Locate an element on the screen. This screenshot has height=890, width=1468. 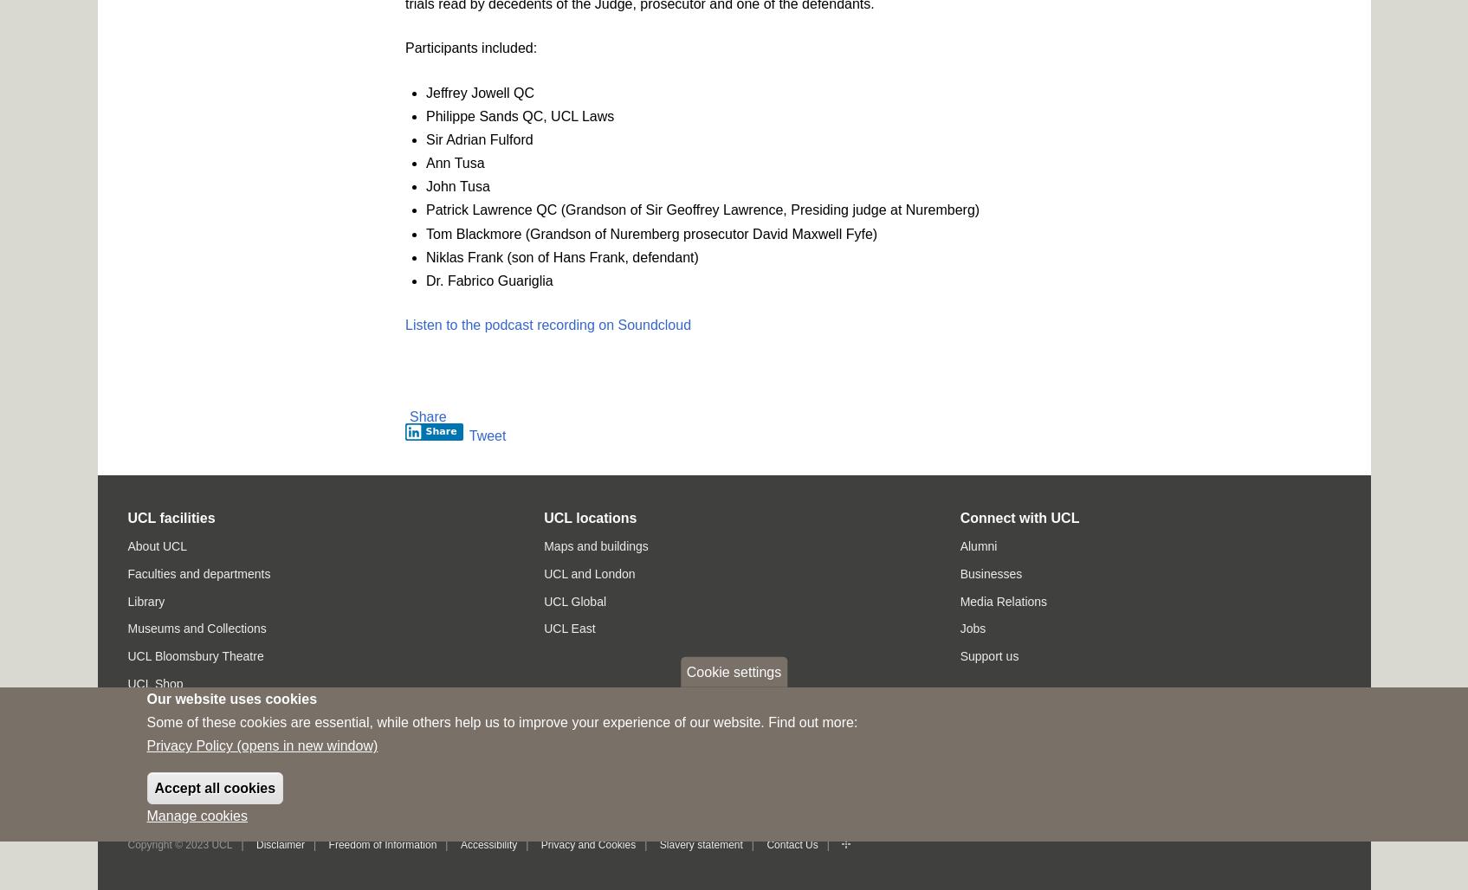
'Connect with UCL' is located at coordinates (1019, 516).